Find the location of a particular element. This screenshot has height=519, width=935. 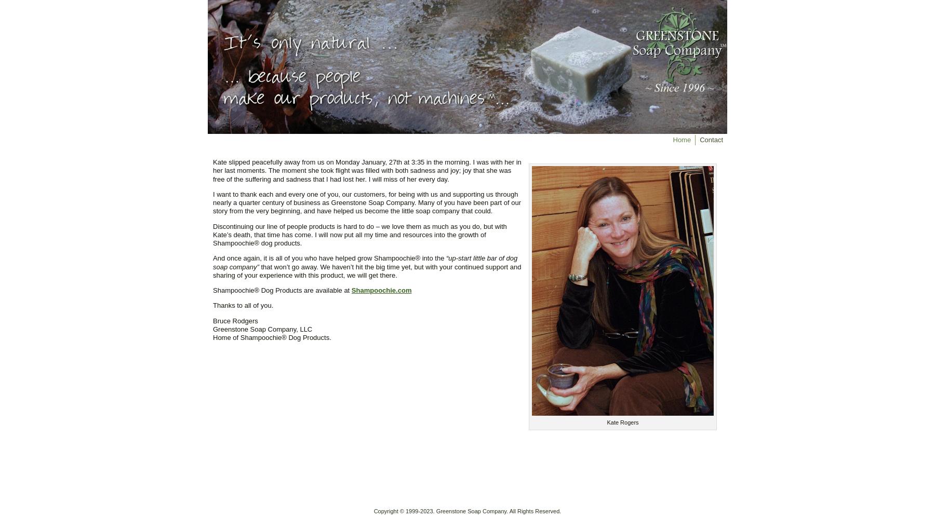

'Kate slipped peacefully away from us on Monday January, 27th at 3:35 in the morning. I was with her in her last moments. The moment she took flight was filled with both sadness and joy; joy that she was free of the suffering and sadness that I had lost her. I will miss of her every day.' is located at coordinates (366, 170).